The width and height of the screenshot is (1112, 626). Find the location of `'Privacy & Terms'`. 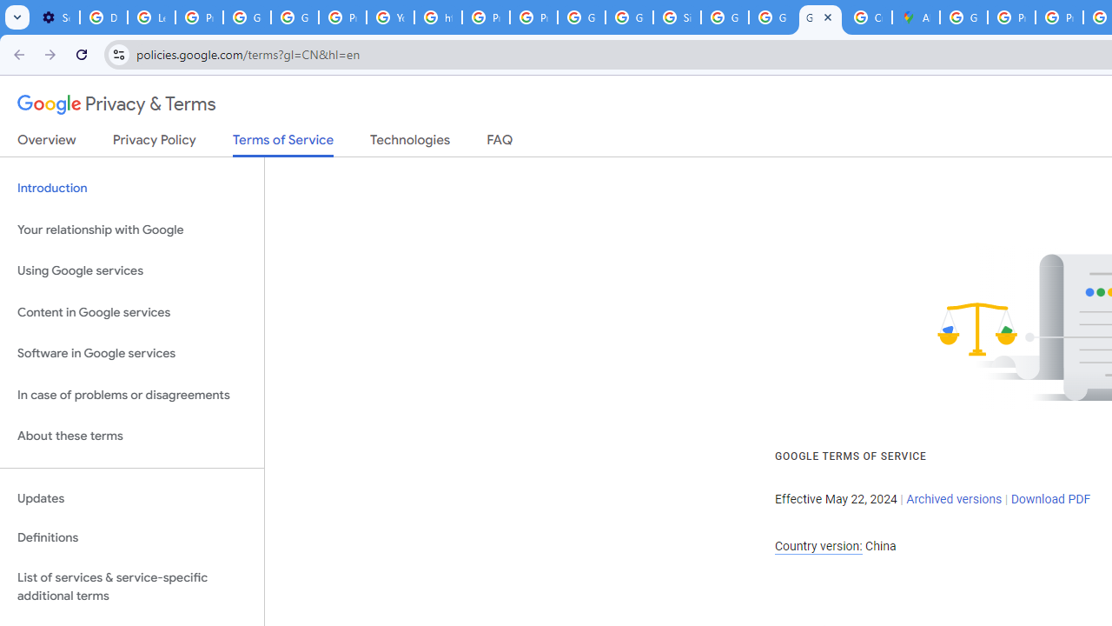

'Privacy & Terms' is located at coordinates (116, 104).